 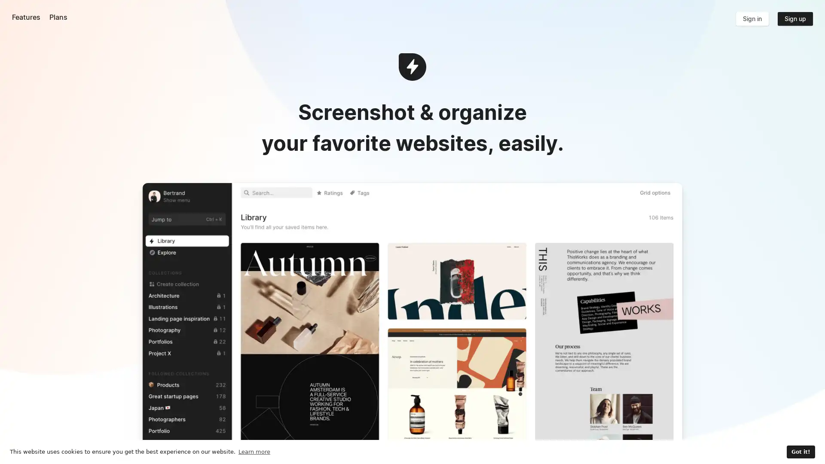 What do you see at coordinates (794, 18) in the screenshot?
I see `Sign up` at bounding box center [794, 18].